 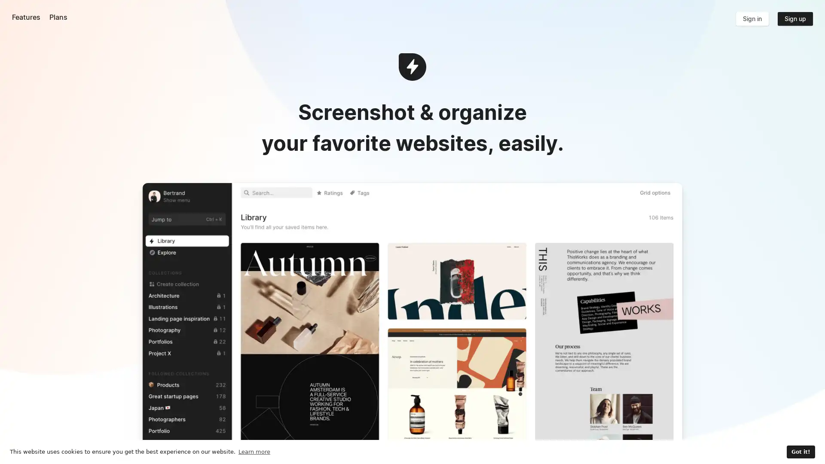 What do you see at coordinates (794, 18) in the screenshot?
I see `Sign up` at bounding box center [794, 18].